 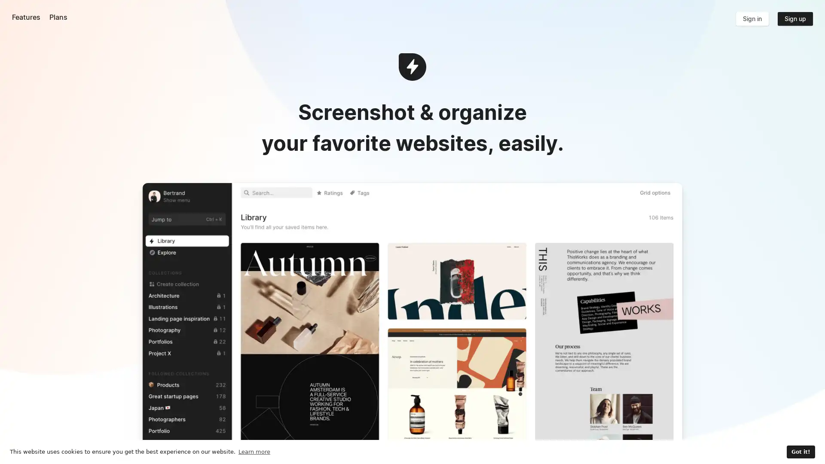 What do you see at coordinates (794, 18) in the screenshot?
I see `Sign up` at bounding box center [794, 18].